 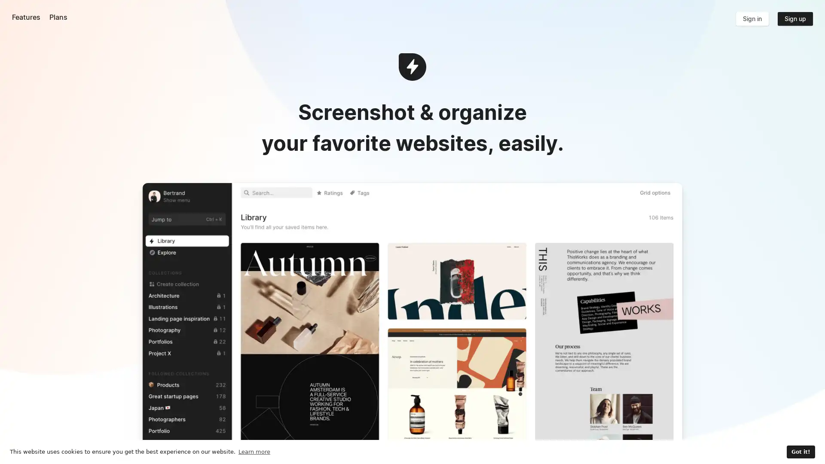 What do you see at coordinates (794, 18) in the screenshot?
I see `Sign up` at bounding box center [794, 18].